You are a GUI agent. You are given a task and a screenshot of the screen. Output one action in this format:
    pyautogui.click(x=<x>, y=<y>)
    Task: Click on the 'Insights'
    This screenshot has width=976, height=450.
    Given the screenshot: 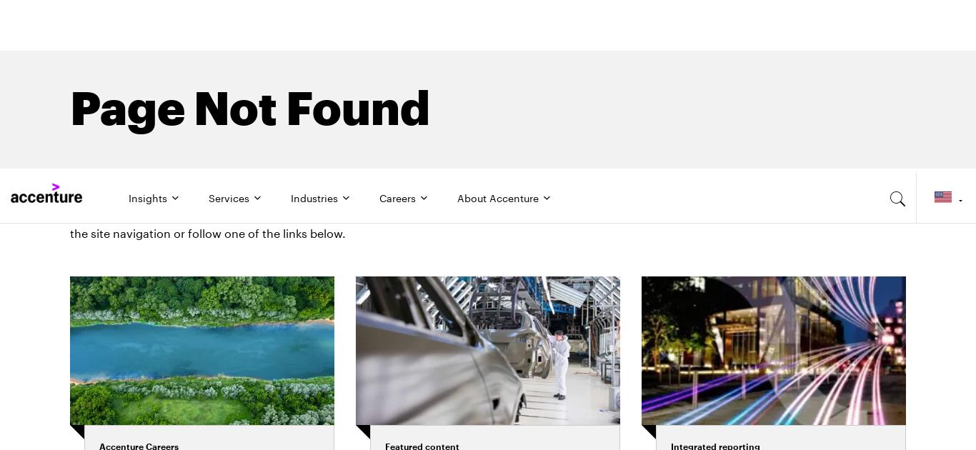 What is the action you would take?
    pyautogui.click(x=146, y=24)
    